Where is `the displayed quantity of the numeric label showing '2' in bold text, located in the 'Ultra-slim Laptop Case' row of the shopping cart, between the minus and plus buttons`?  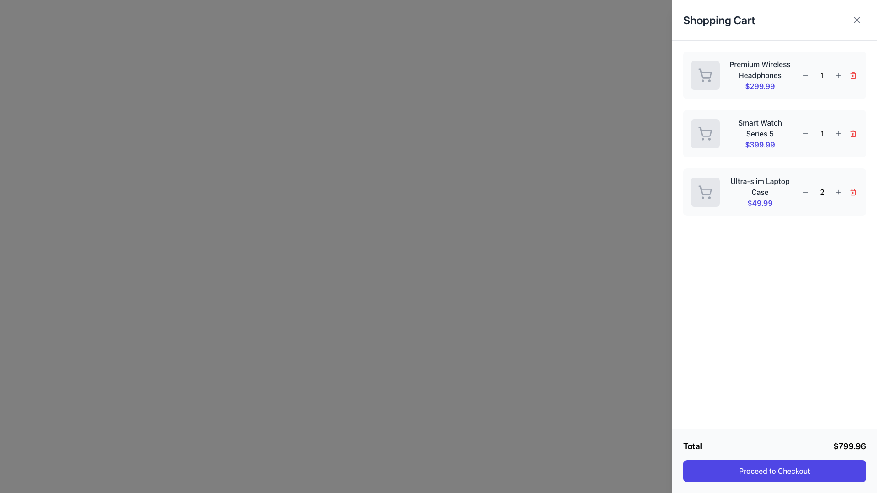 the displayed quantity of the numeric label showing '2' in bold text, located in the 'Ultra-slim Laptop Case' row of the shopping cart, between the minus and plus buttons is located at coordinates (822, 191).